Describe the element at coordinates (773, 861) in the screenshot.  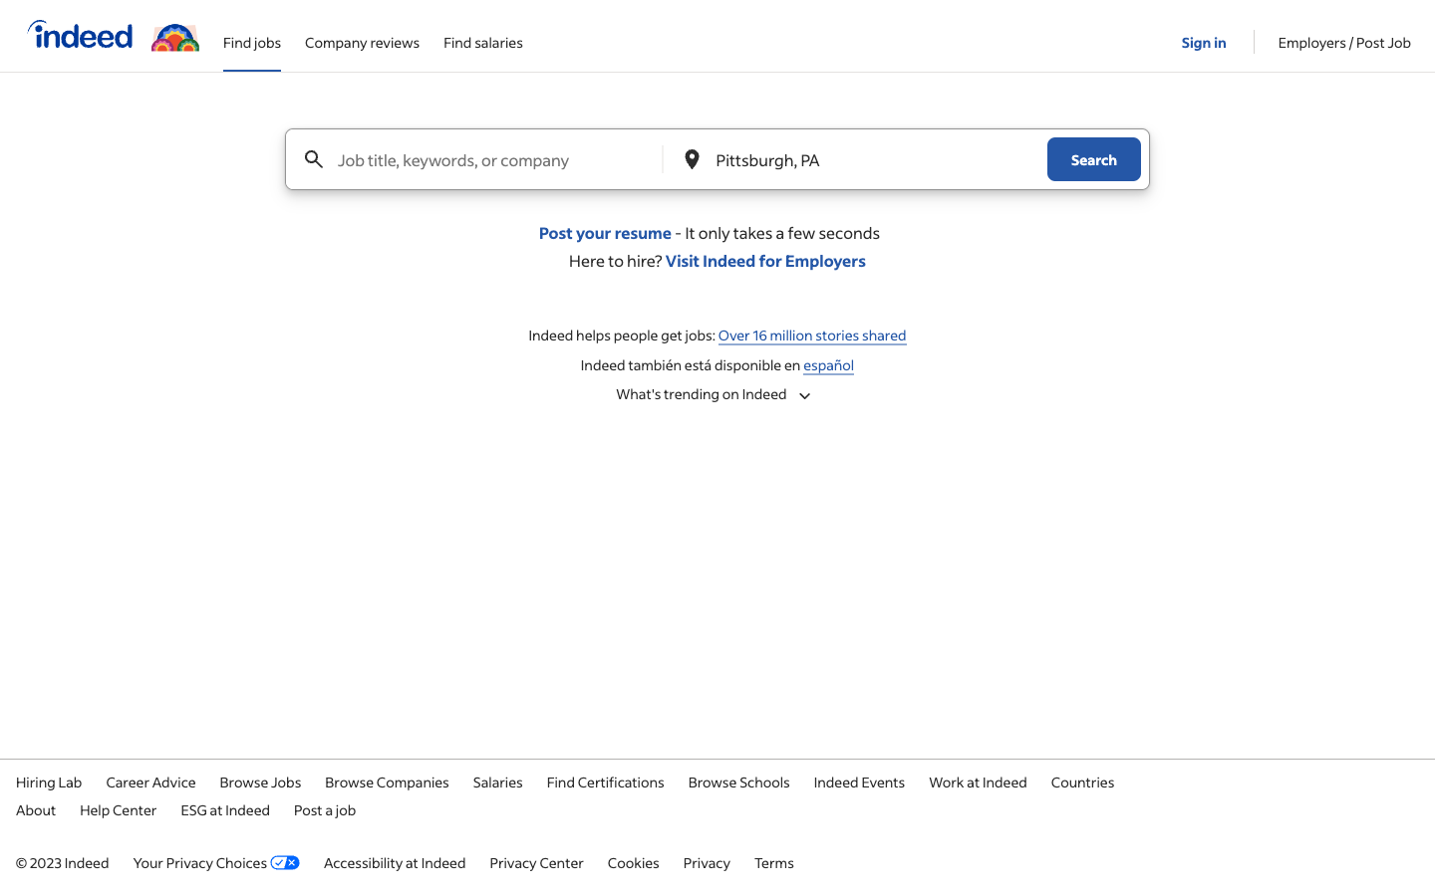
I see `the terms of service section` at that location.